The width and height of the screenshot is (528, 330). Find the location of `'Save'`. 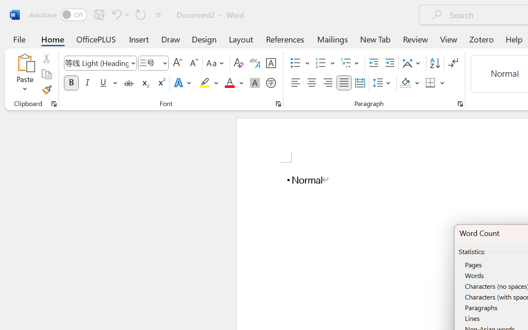

'Save' is located at coordinates (99, 14).